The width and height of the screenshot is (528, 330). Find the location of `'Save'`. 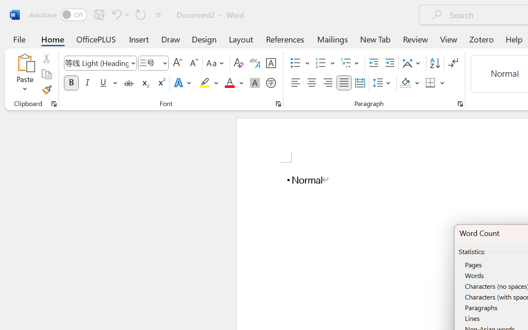

'Save' is located at coordinates (99, 14).